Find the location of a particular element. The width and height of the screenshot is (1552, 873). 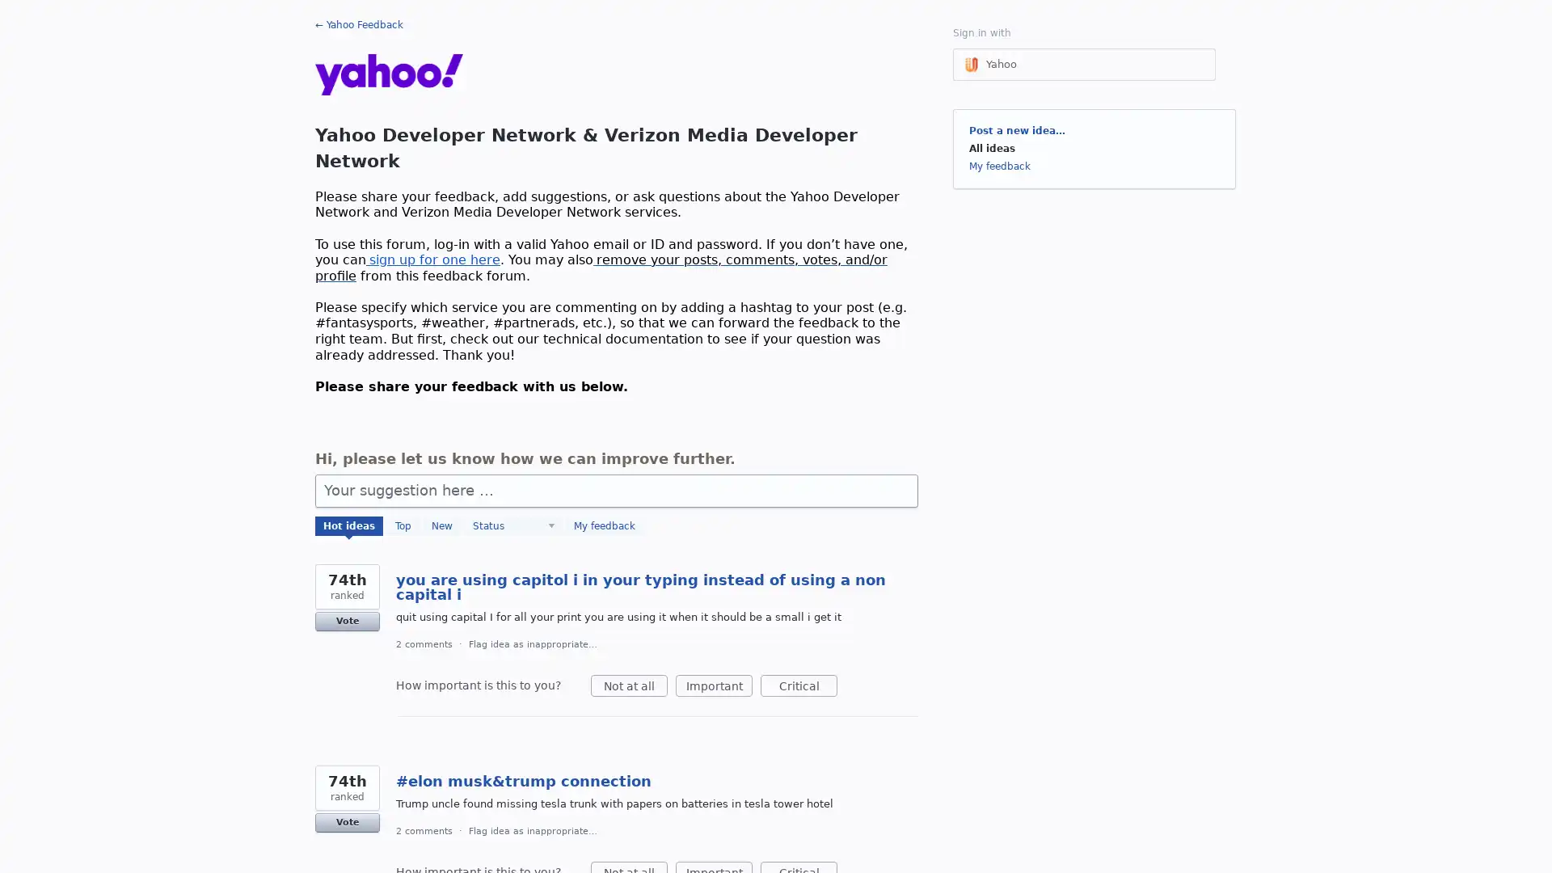

Yahoo sign in is located at coordinates (1083, 62).